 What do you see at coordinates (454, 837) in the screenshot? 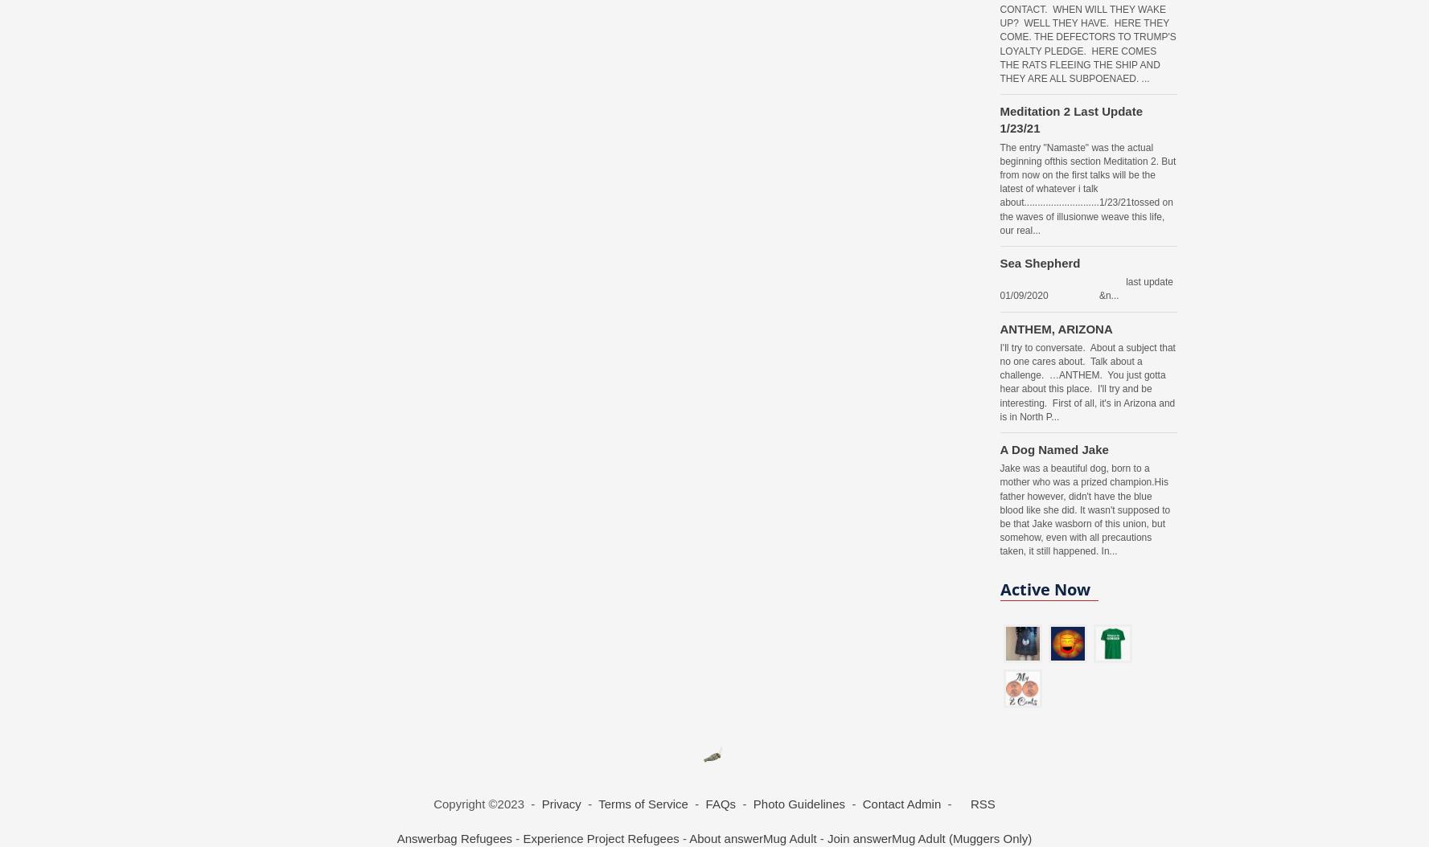
I see `'Answerbag Refugees'` at bounding box center [454, 837].